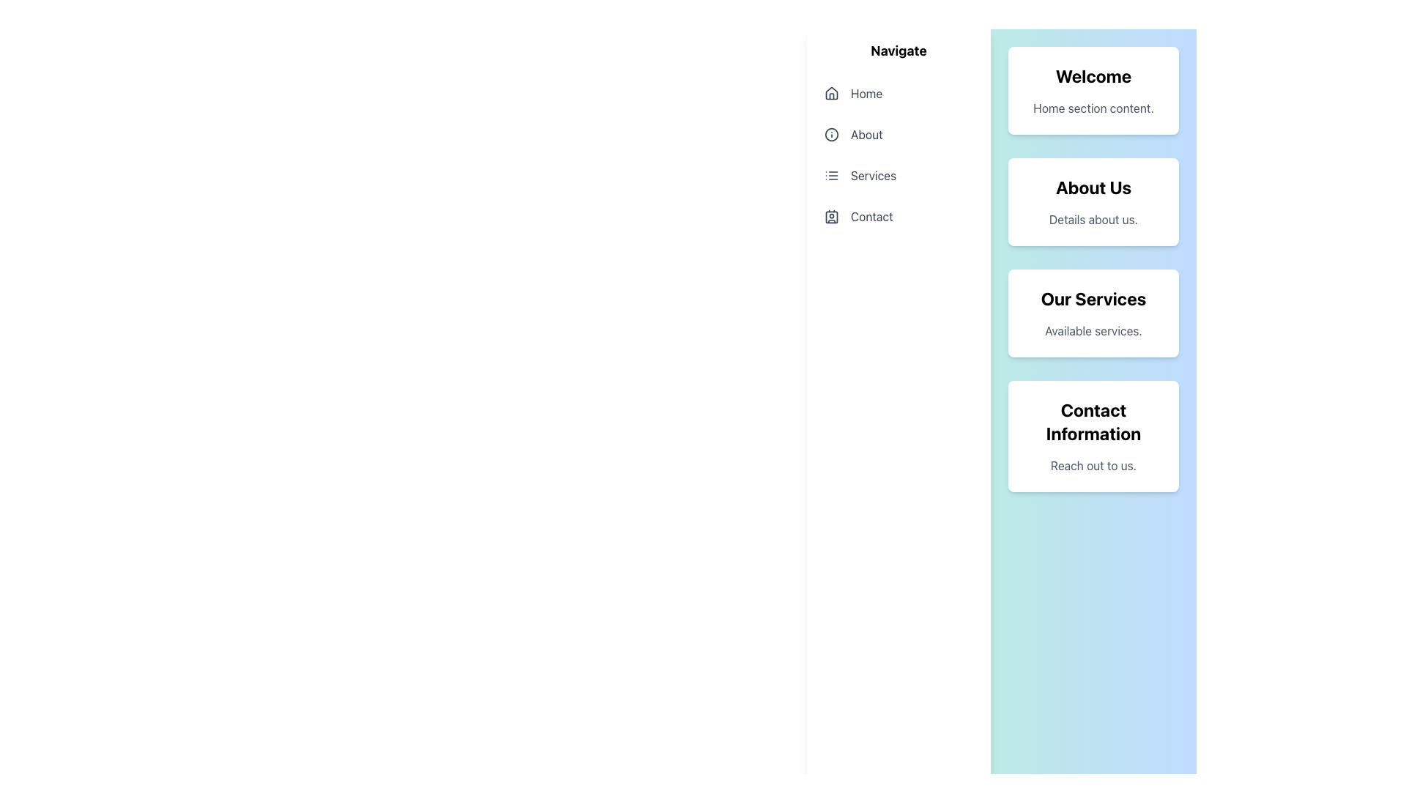 The image size is (1406, 791). I want to click on the house icon in the vertical navigation menu, so click(832, 93).